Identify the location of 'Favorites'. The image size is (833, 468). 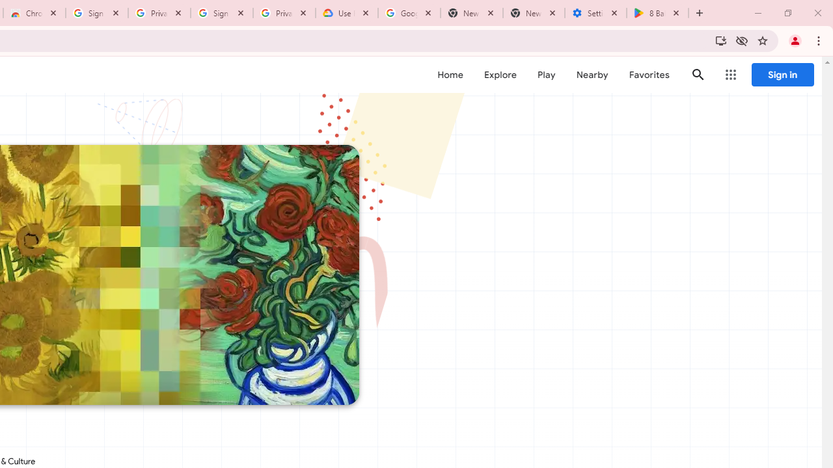
(649, 75).